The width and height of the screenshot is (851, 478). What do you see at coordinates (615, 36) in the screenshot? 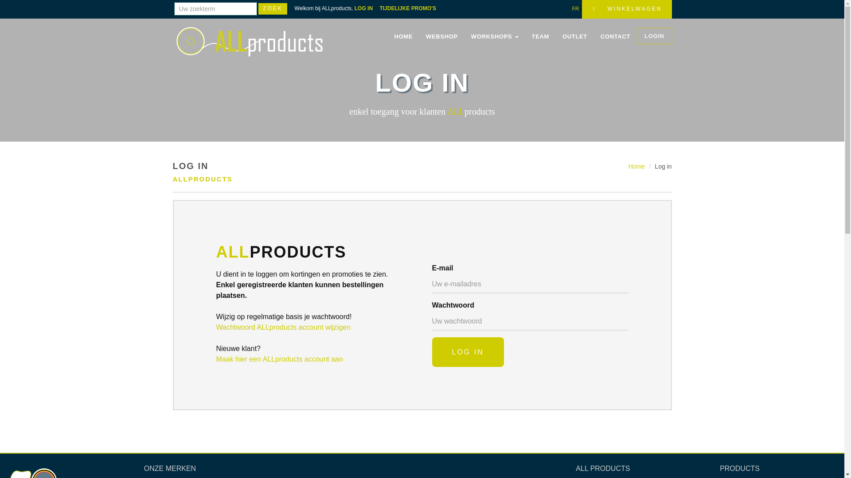
I see `'CONTACT'` at bounding box center [615, 36].